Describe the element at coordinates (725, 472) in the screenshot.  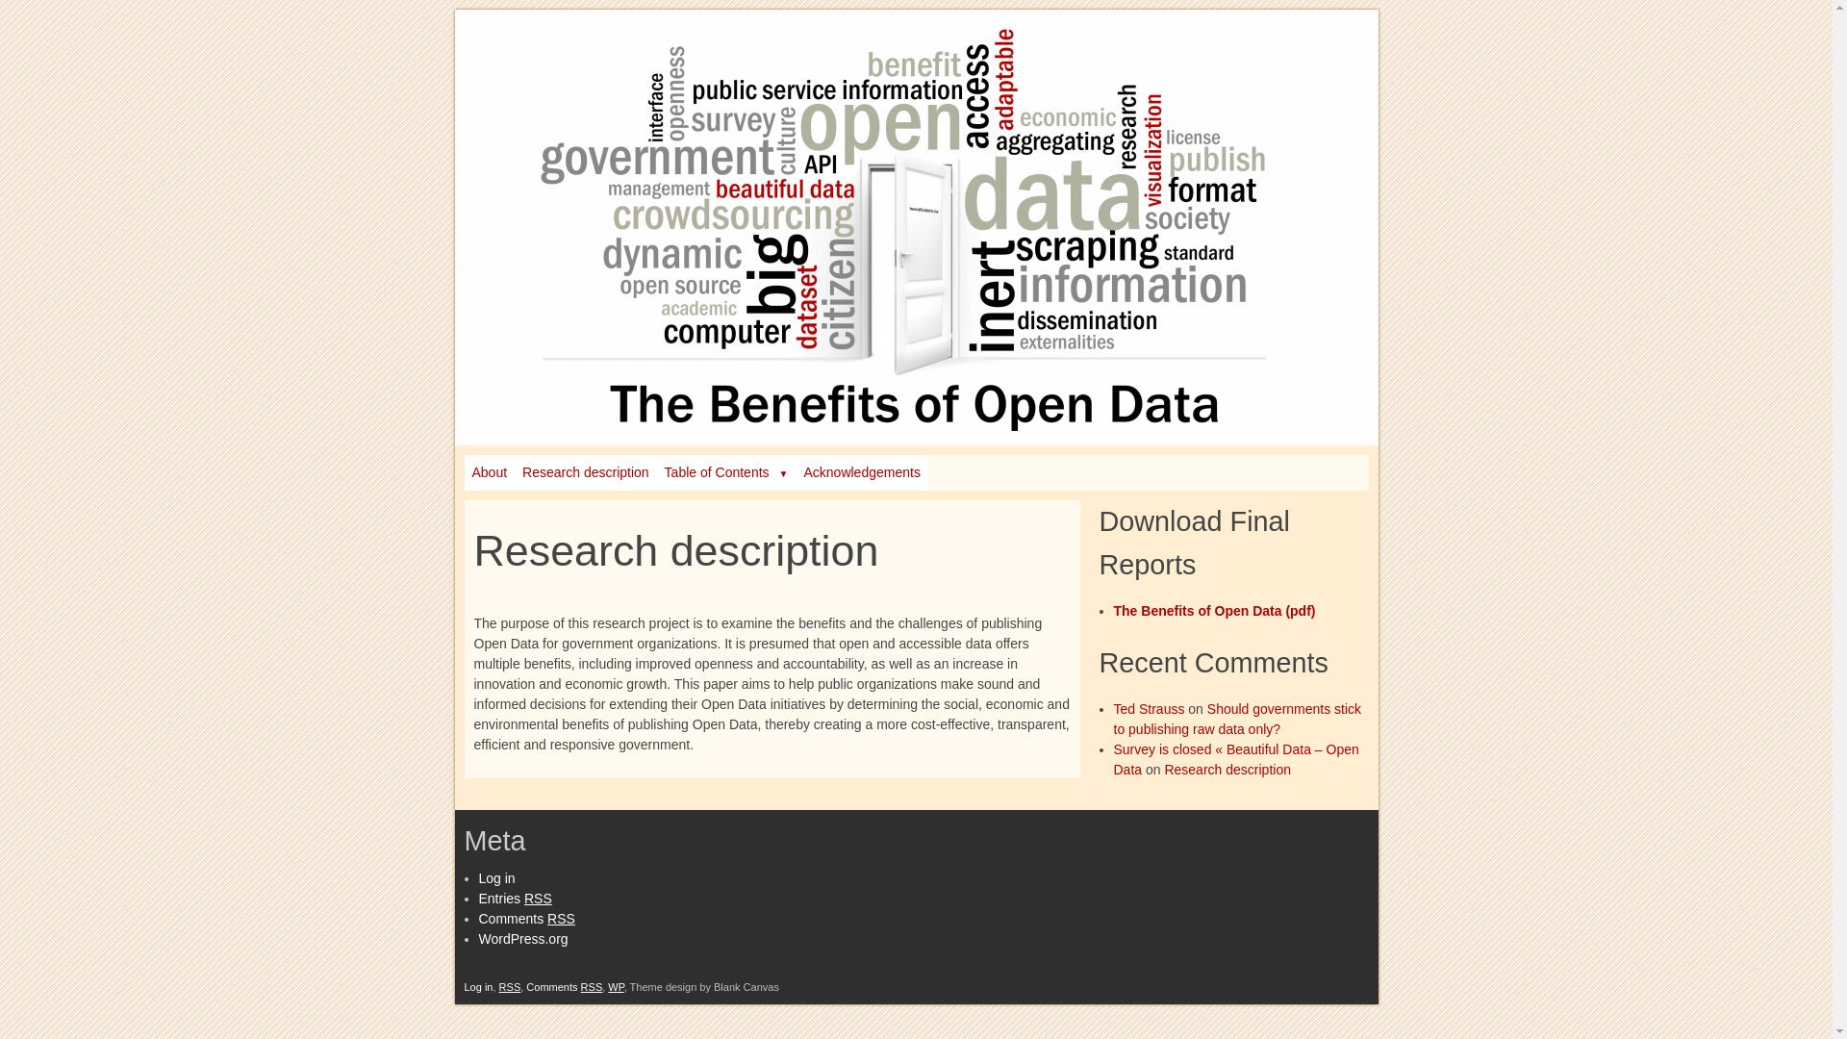
I see `'Table of Contents'` at that location.